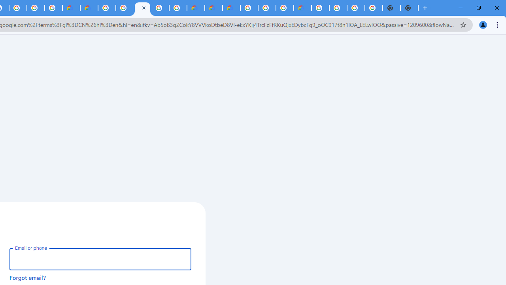 Image resolution: width=506 pixels, height=285 pixels. Describe the element at coordinates (196, 8) in the screenshot. I see `'Customer Care | Google Cloud'` at that location.